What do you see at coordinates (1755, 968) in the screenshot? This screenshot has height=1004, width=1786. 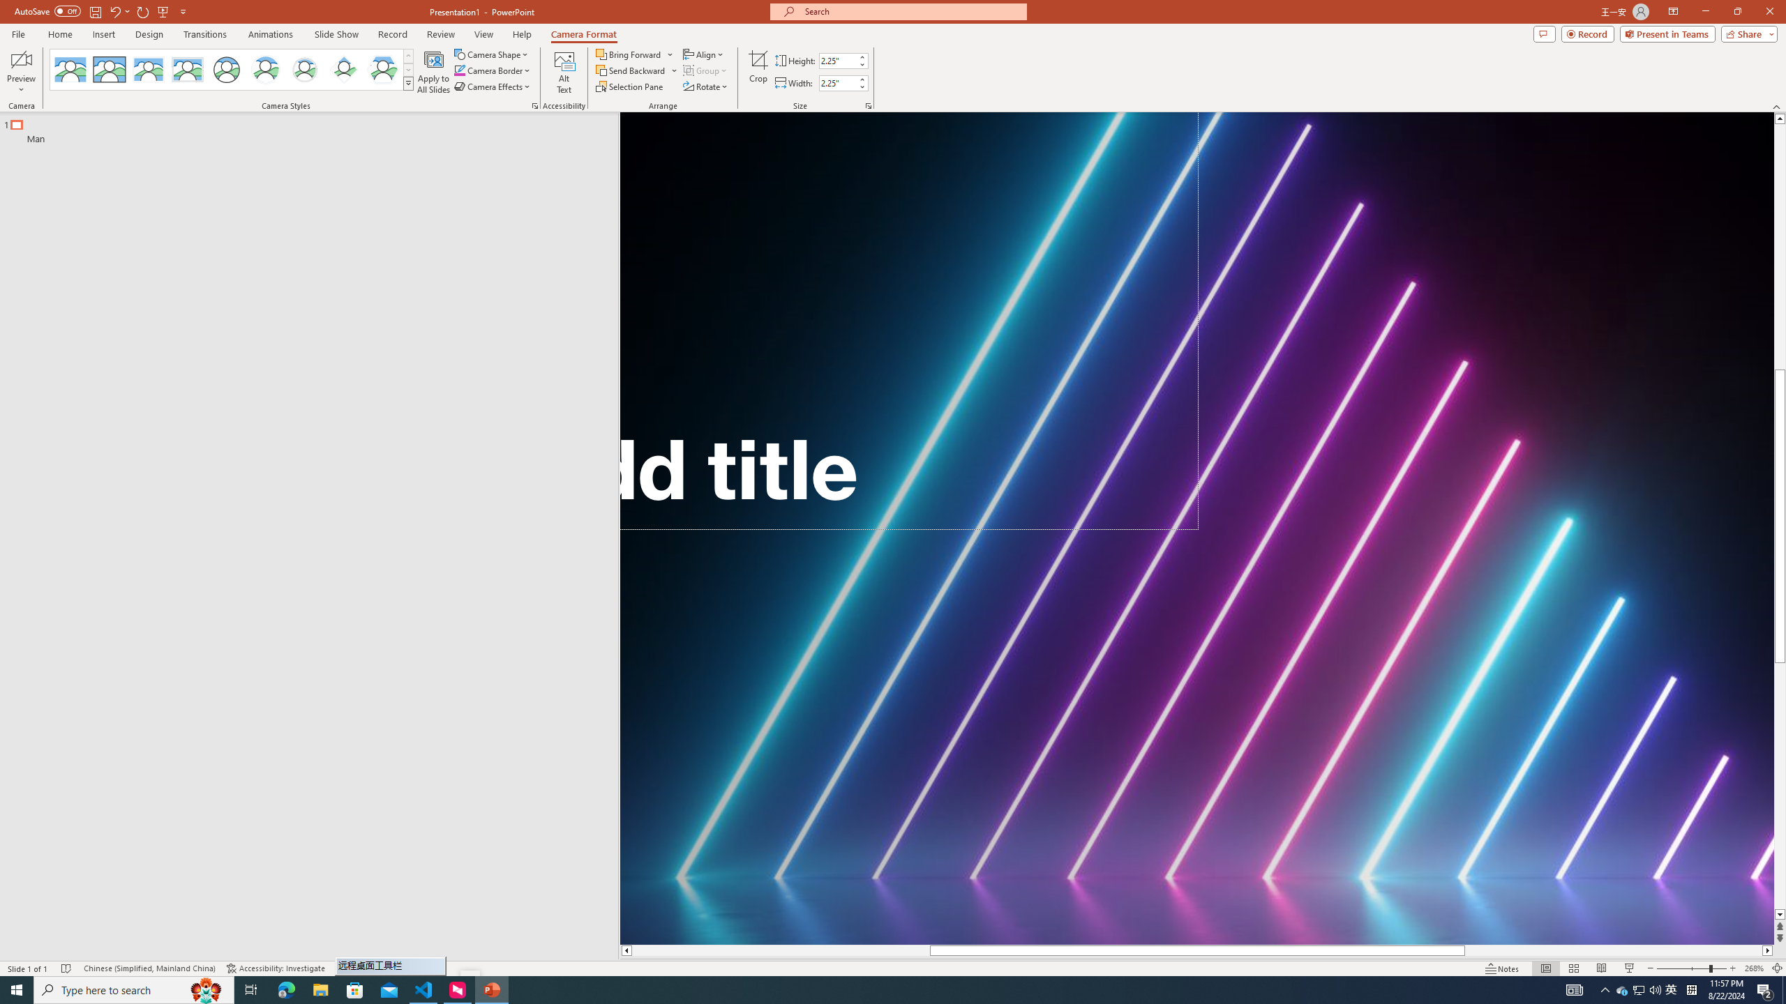 I see `'Zoom 268%'` at bounding box center [1755, 968].